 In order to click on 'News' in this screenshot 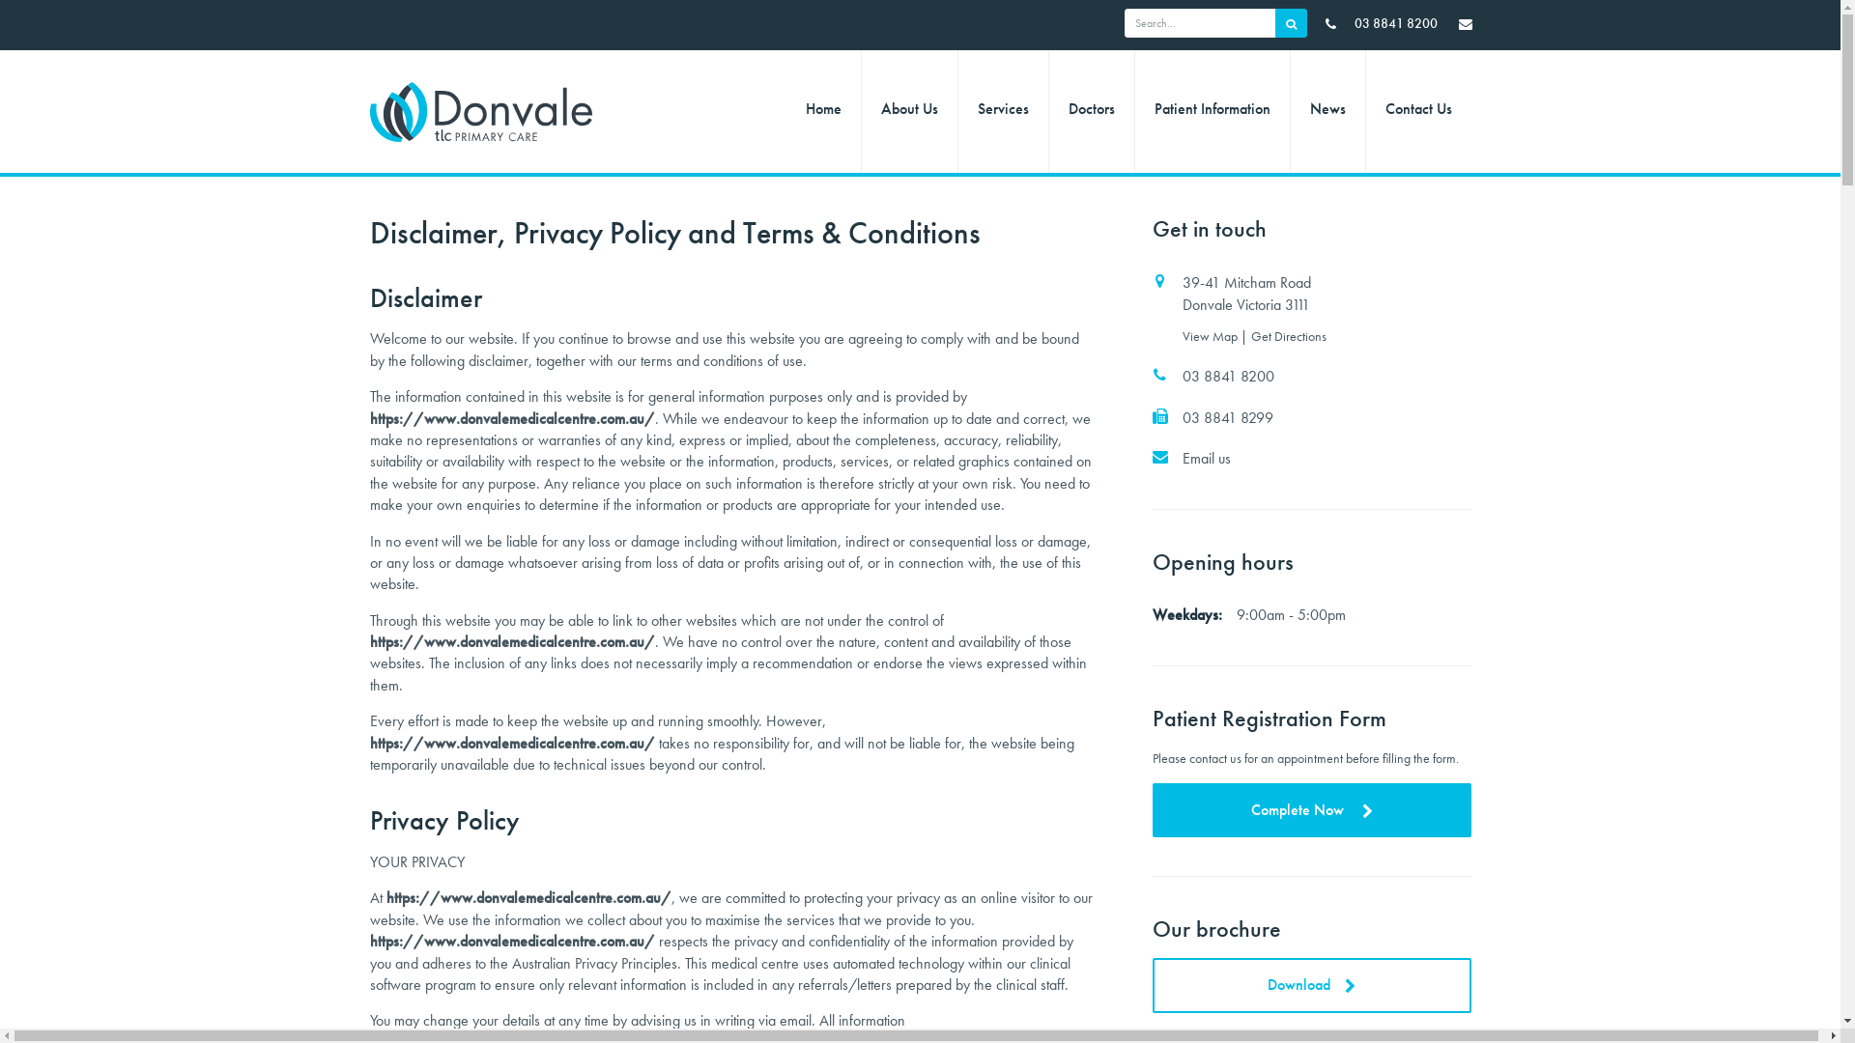, I will do `click(1327, 111)`.